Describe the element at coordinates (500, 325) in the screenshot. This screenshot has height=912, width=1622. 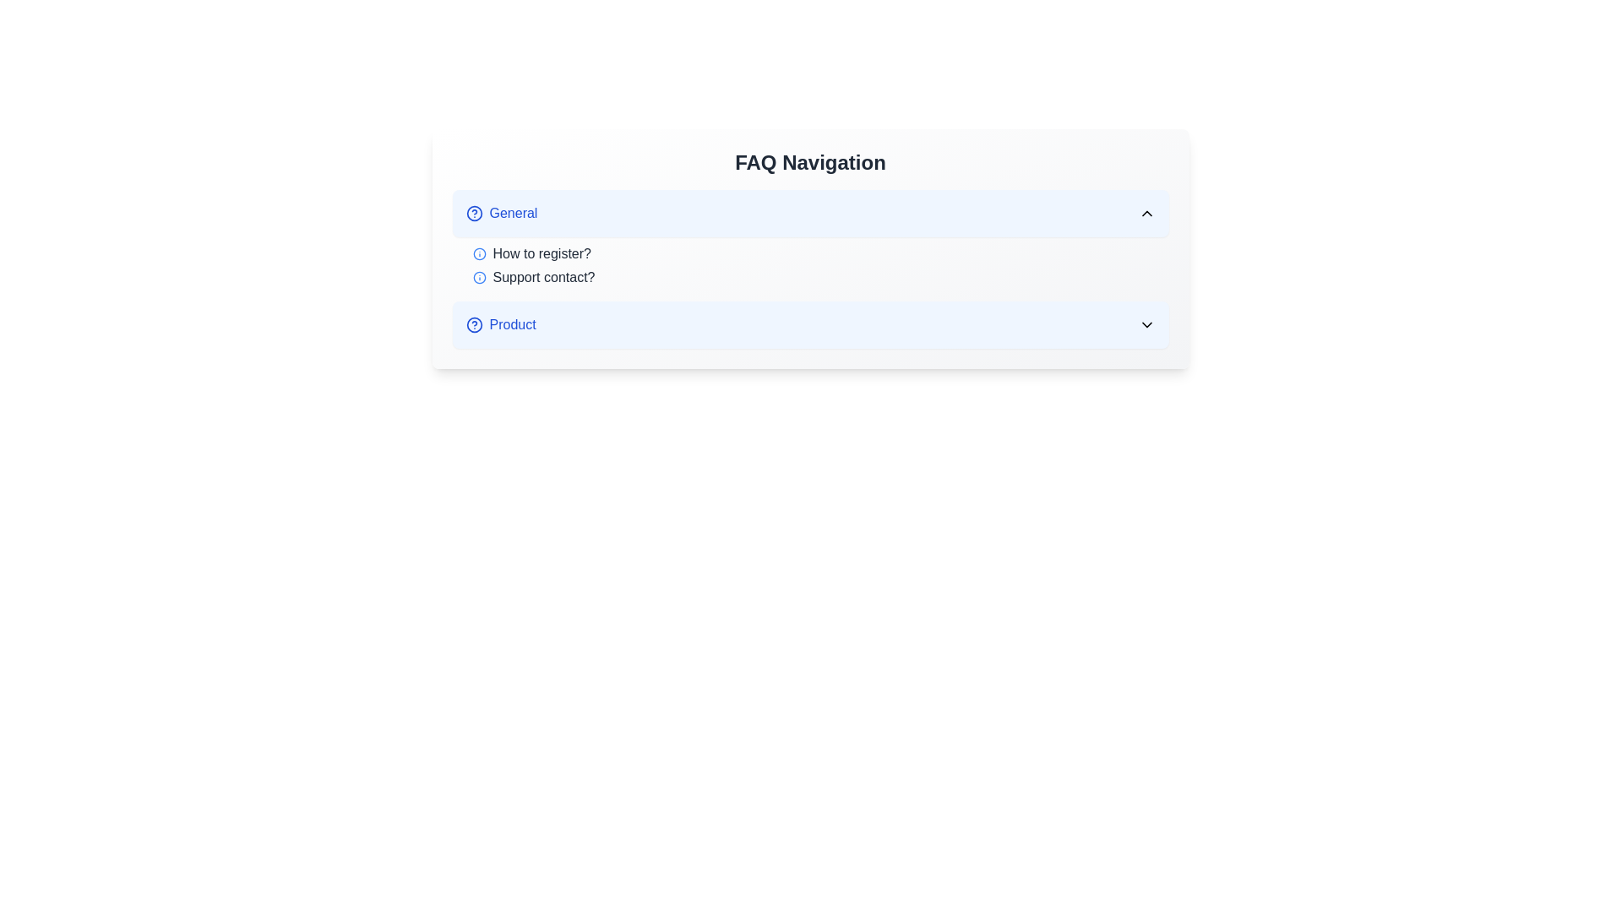
I see `the content related to 'Product' inquiries by interacting with the text label in the navigation menu under the FAQ section` at that location.